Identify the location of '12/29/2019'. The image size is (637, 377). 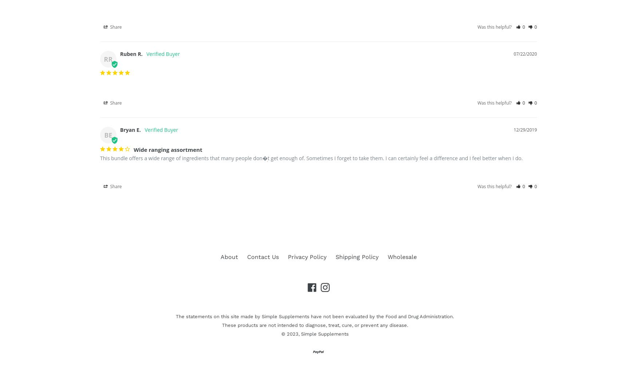
(525, 129).